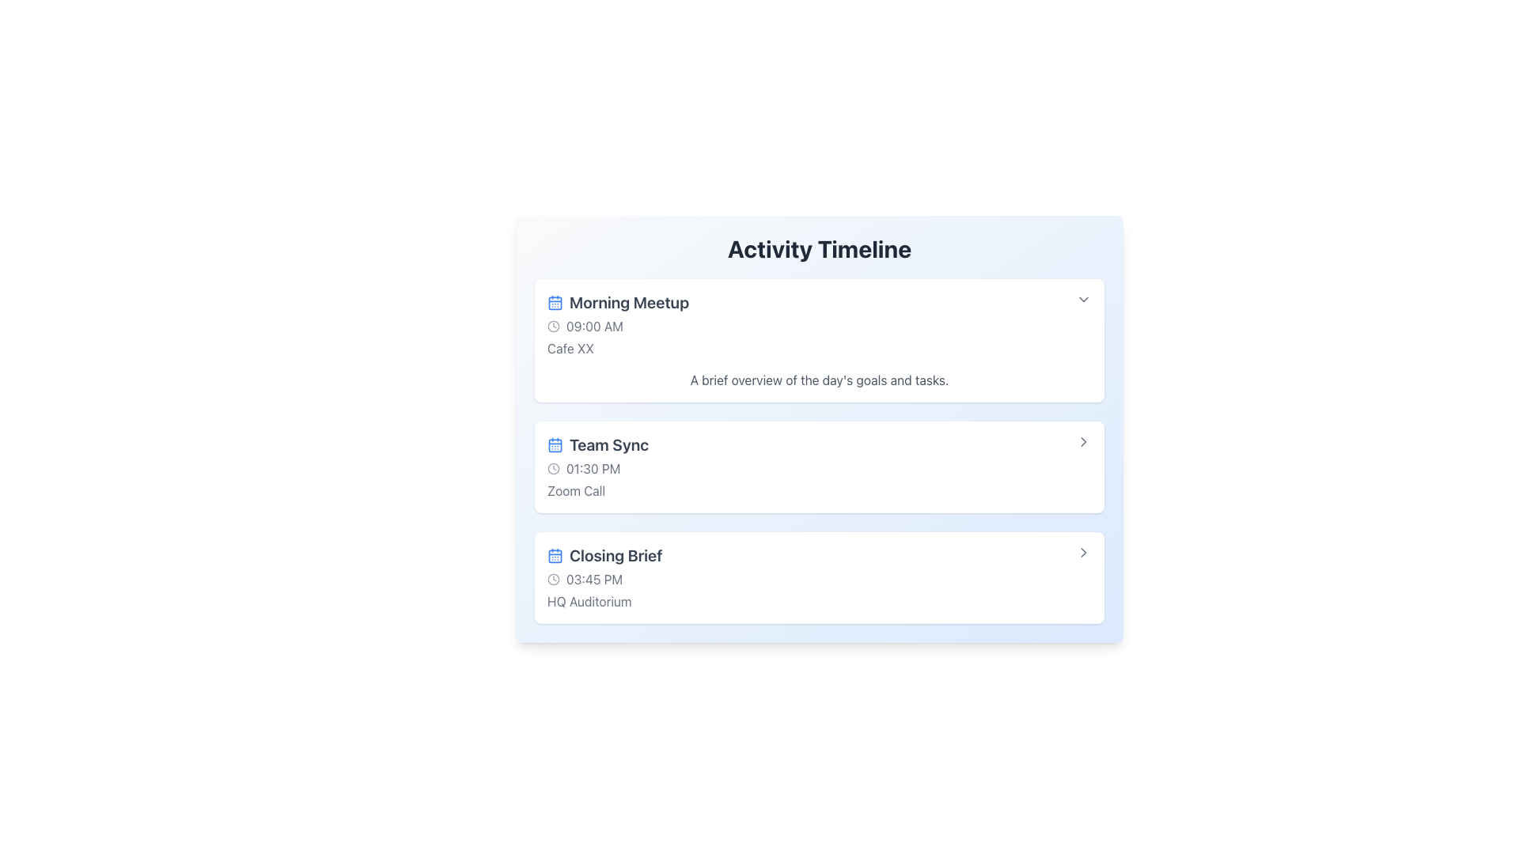 The height and width of the screenshot is (854, 1519). What do you see at coordinates (604, 579) in the screenshot?
I see `the timestamp display formatted as '03:45 PM' with an adjacent clock icon in the 'Closing Brief' section of the 'Activity Timeline'` at bounding box center [604, 579].